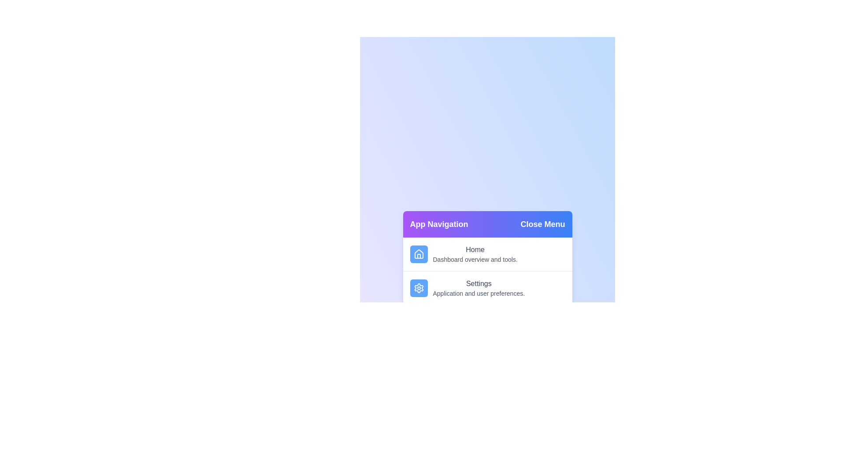  I want to click on the 'App Navigation' title to focus it, so click(439, 224).